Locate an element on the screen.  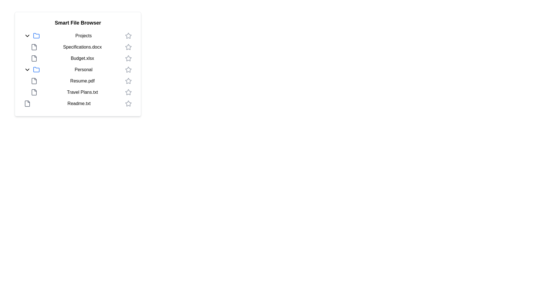
the file icon with a stylized folded corner, located to the left of 'Readme.txt' in the file browser section is located at coordinates (27, 103).